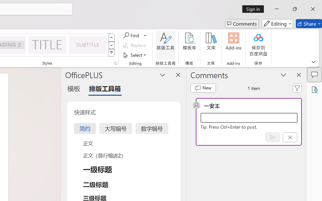  I want to click on 'Title', so click(47, 44).